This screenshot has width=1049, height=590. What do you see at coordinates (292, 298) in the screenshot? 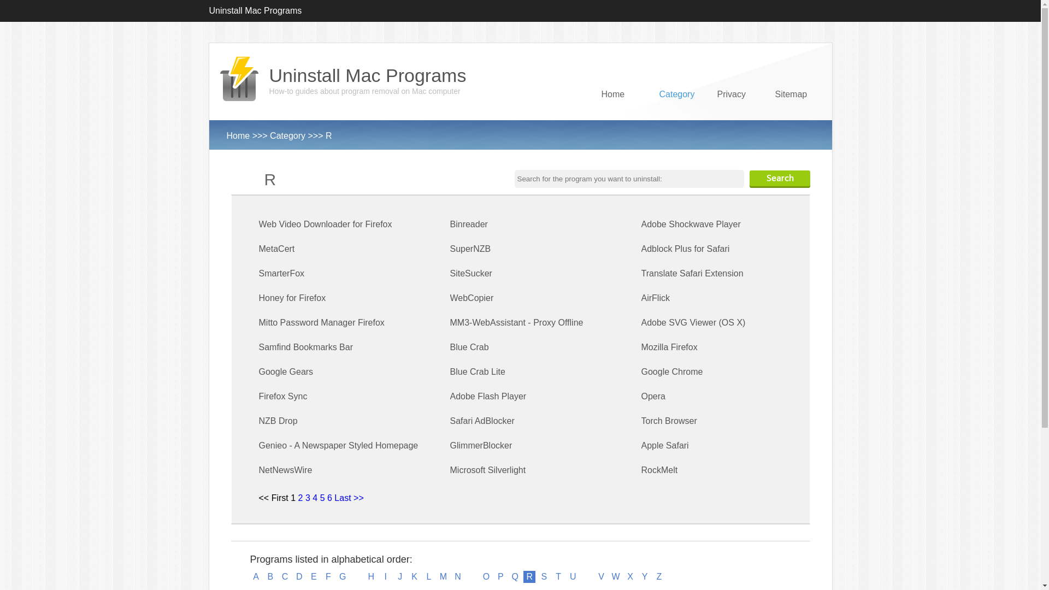
I see `'Honey for Firefox'` at bounding box center [292, 298].